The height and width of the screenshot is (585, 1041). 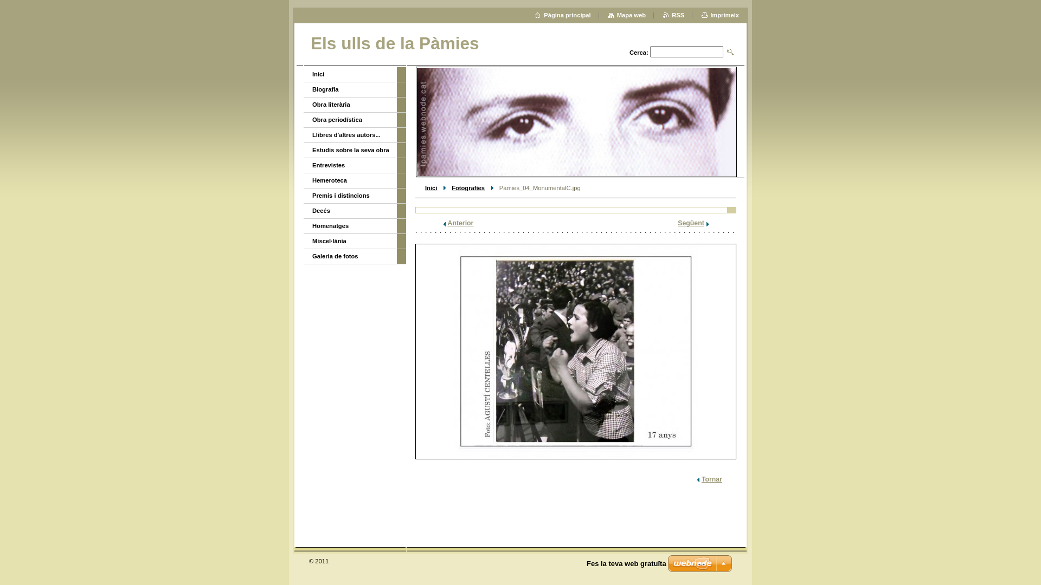 I want to click on 'Anterior', so click(x=443, y=223).